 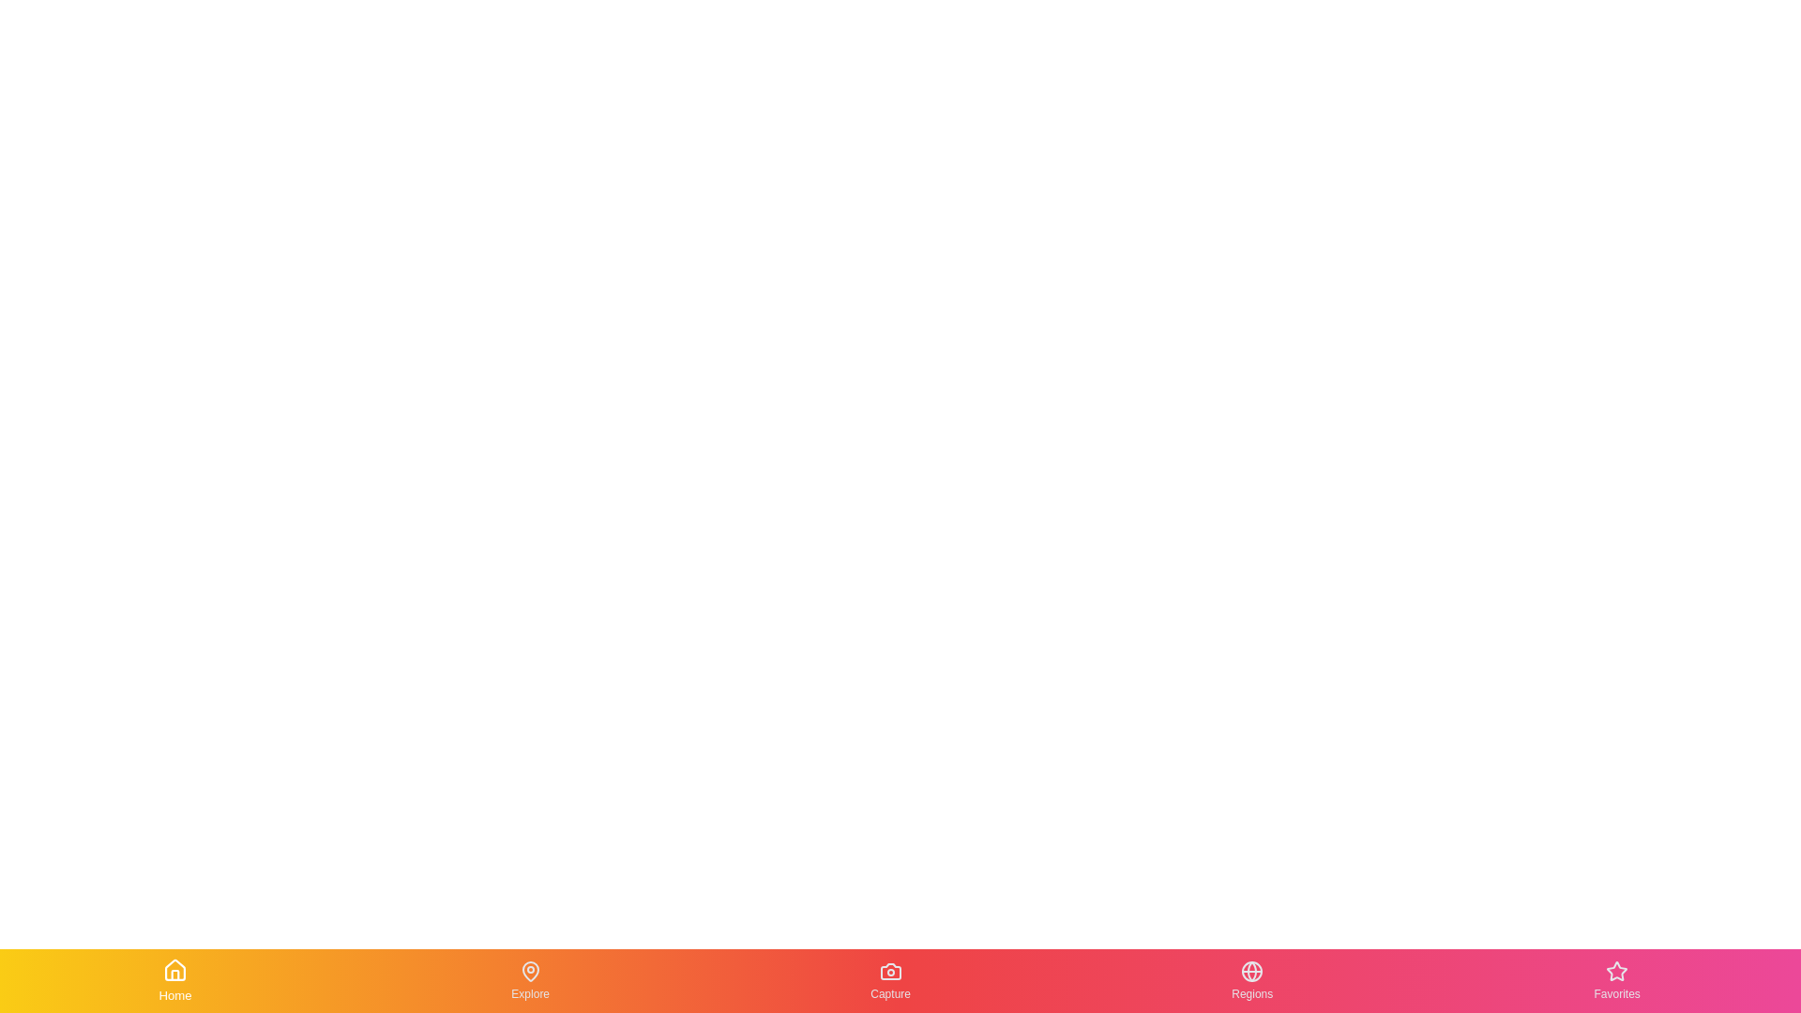 I want to click on the Explore tab in the bottom navigation bar, so click(x=530, y=979).